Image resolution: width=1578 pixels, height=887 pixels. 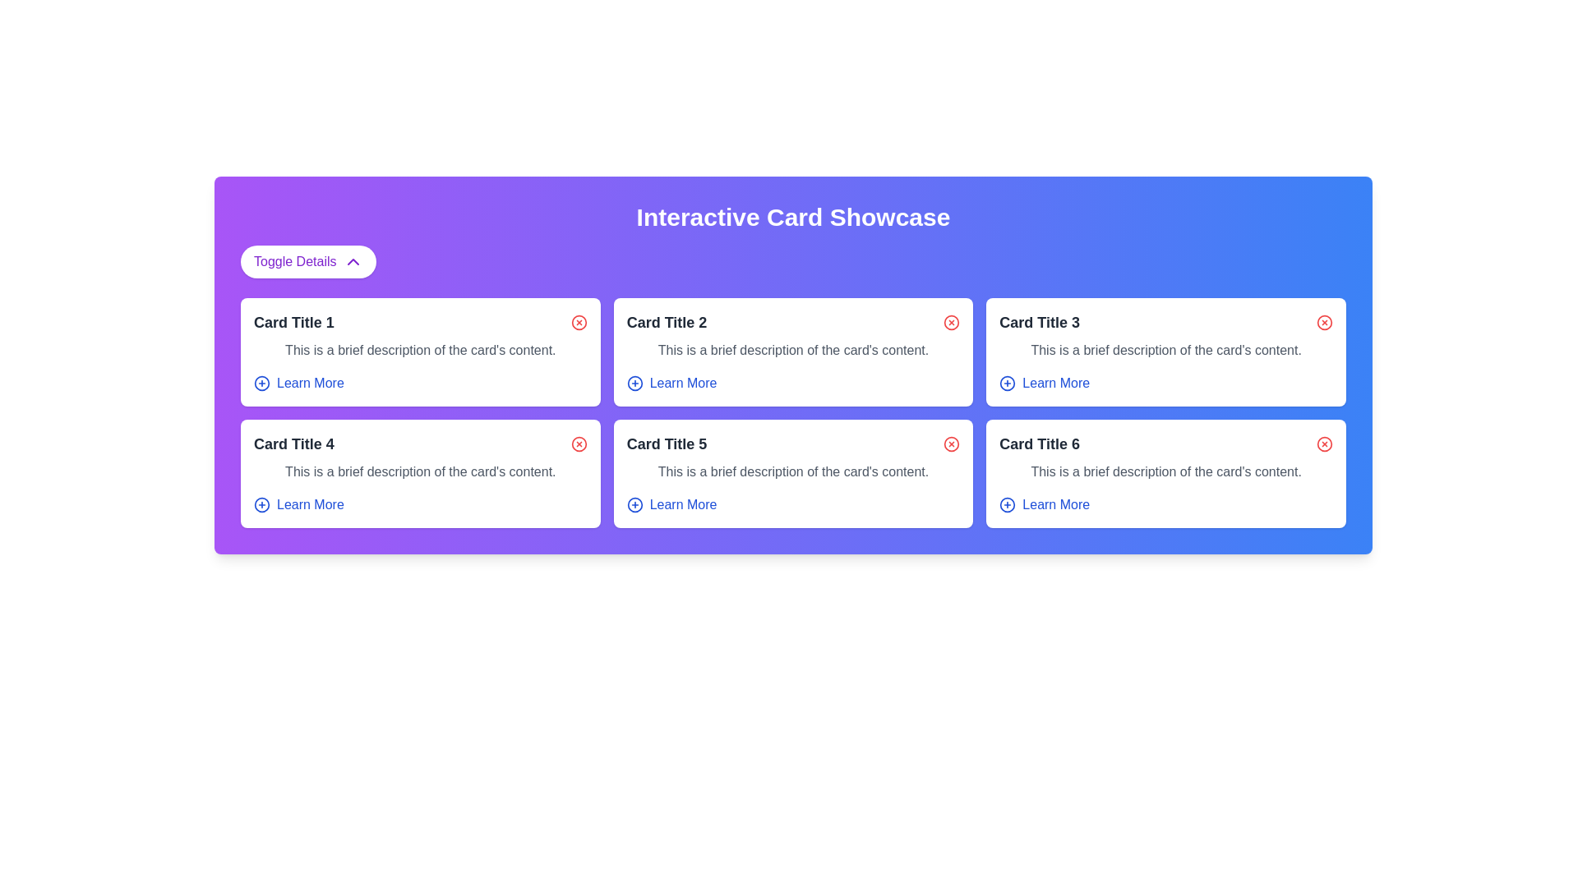 I want to click on the card located in the bottom-right corner of the grid layout to trigger a visual change, so click(x=1165, y=474).